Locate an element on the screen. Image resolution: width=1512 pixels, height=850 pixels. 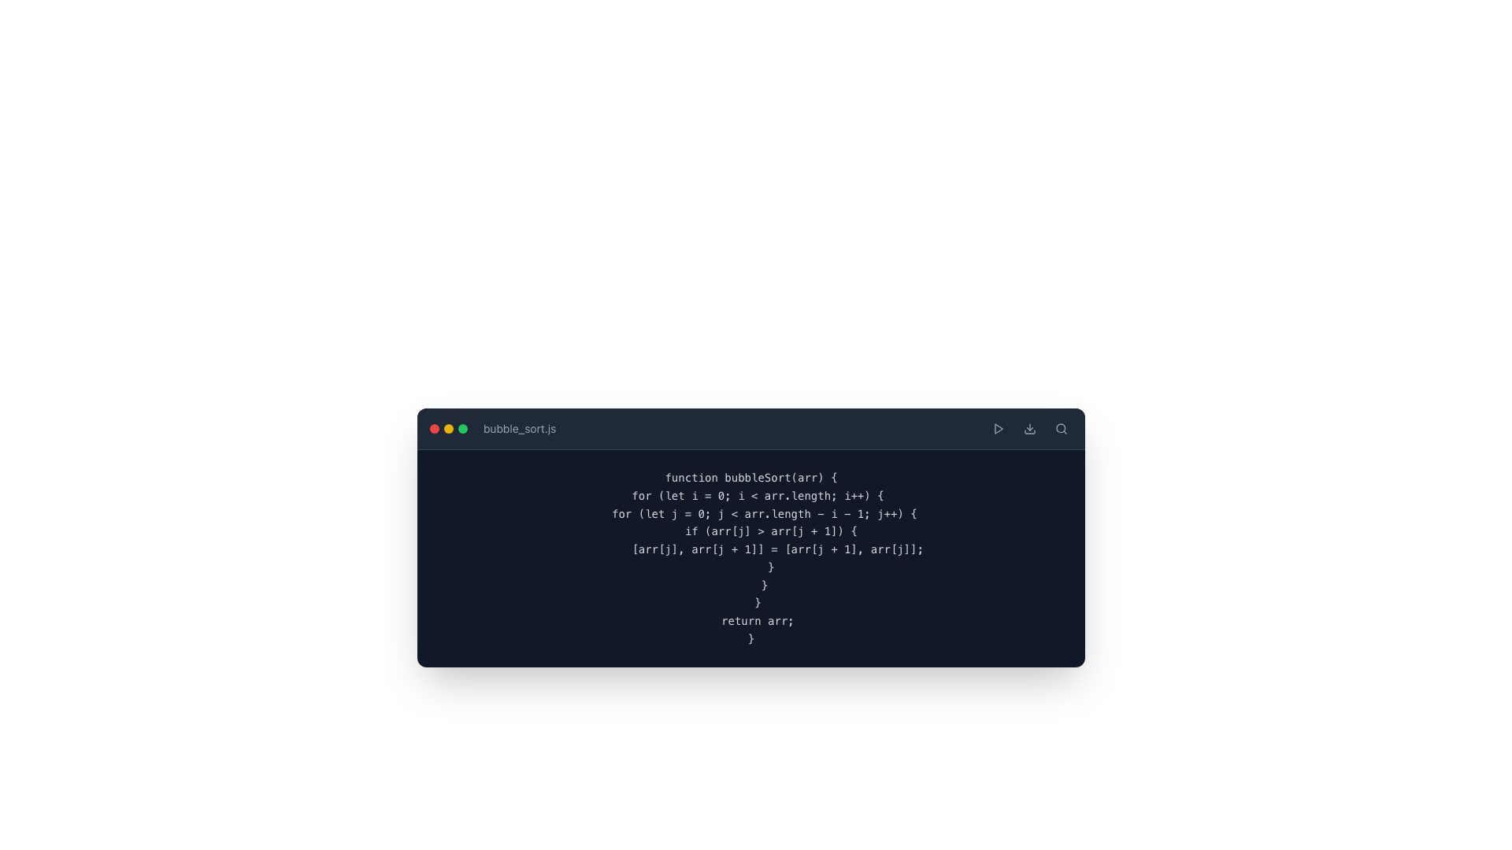
the leftmost red circular icon in the group of three indicators is located at coordinates (435, 428).